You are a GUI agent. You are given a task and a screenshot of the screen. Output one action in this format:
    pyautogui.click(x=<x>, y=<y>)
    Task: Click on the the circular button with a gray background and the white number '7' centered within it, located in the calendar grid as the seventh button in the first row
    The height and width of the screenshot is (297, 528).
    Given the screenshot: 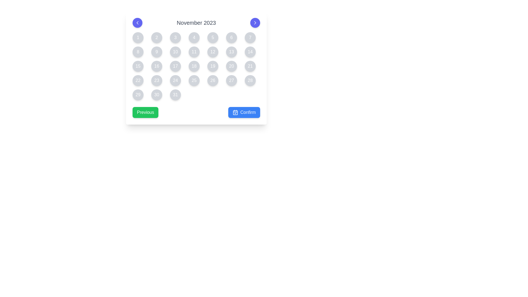 What is the action you would take?
    pyautogui.click(x=250, y=37)
    